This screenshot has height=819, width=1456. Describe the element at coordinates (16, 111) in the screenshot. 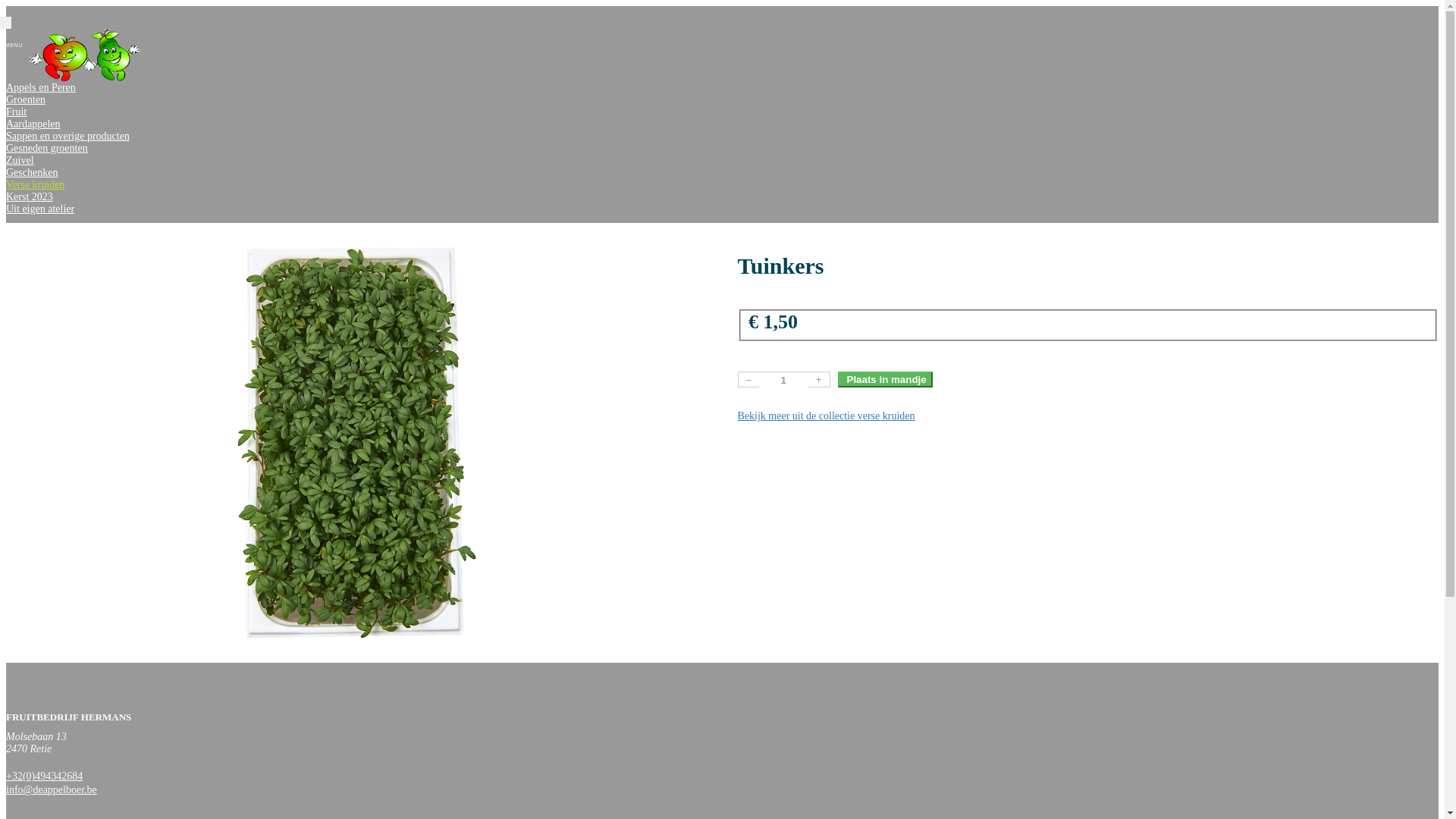

I see `'Fruit'` at that location.